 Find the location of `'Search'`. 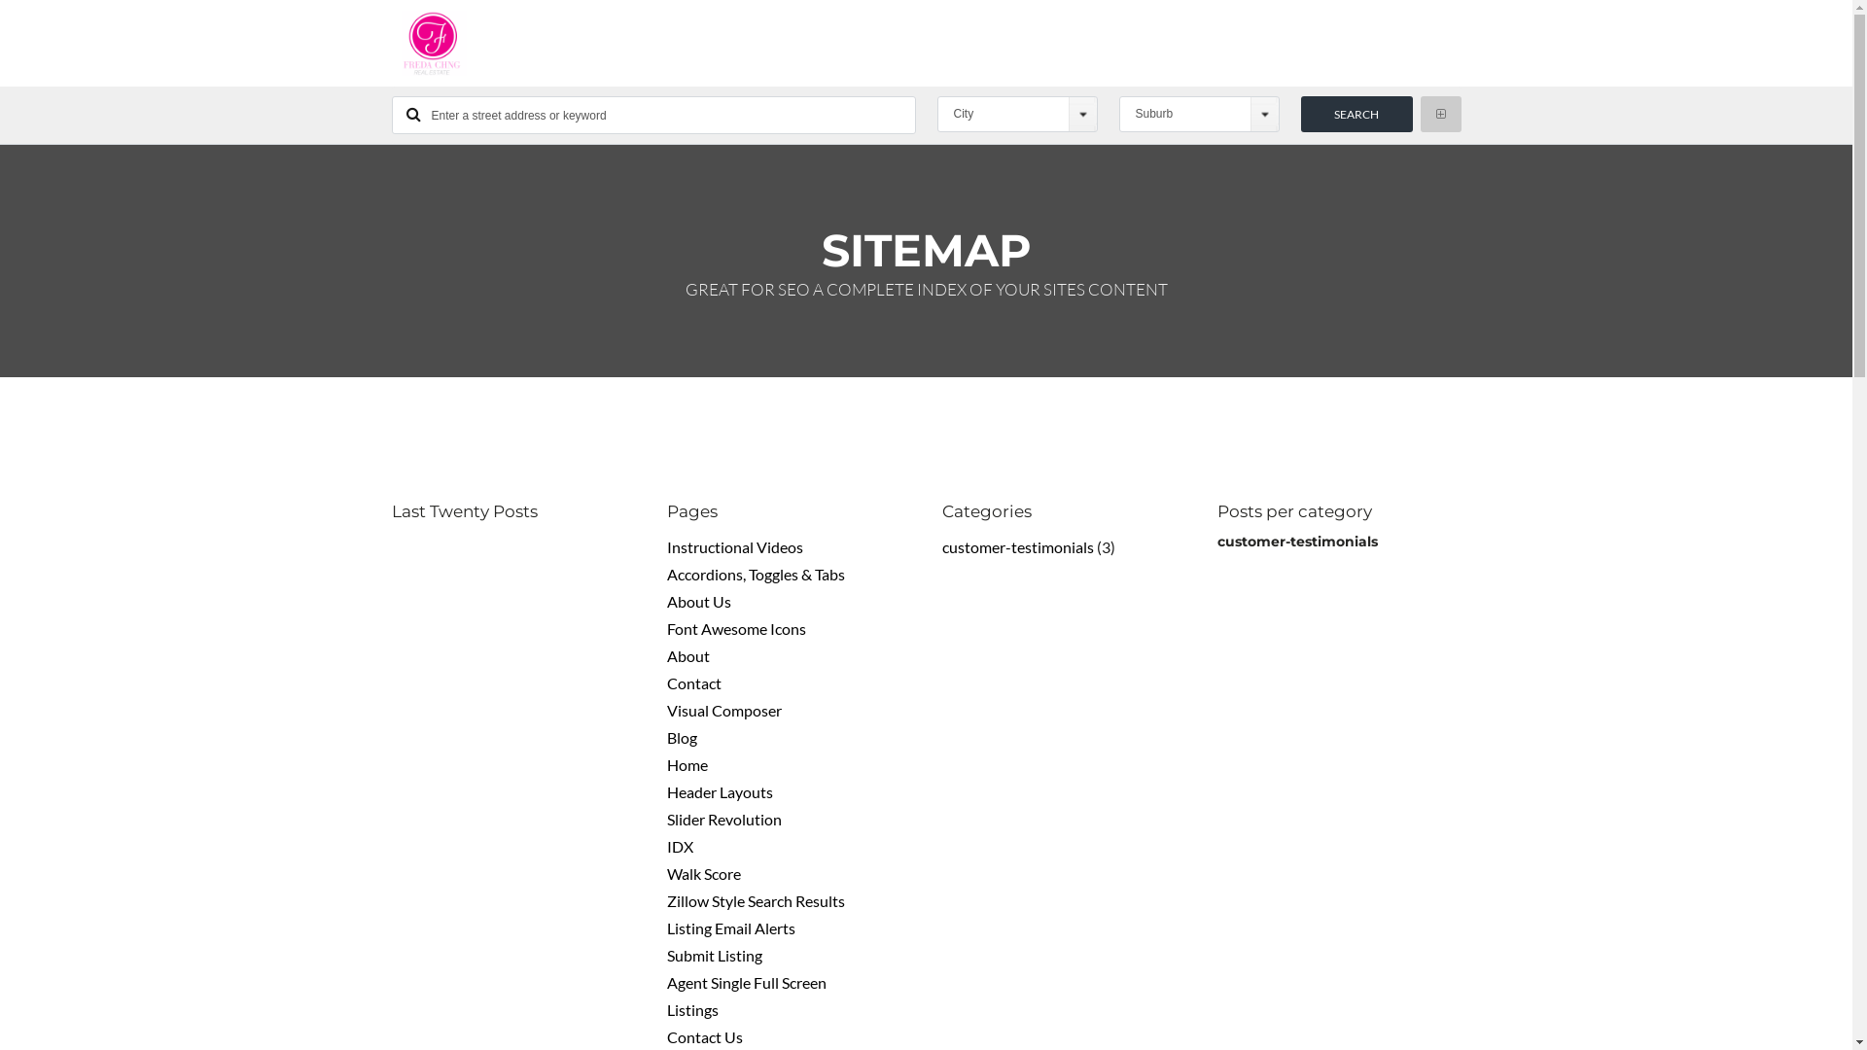

'Search' is located at coordinates (1301, 114).